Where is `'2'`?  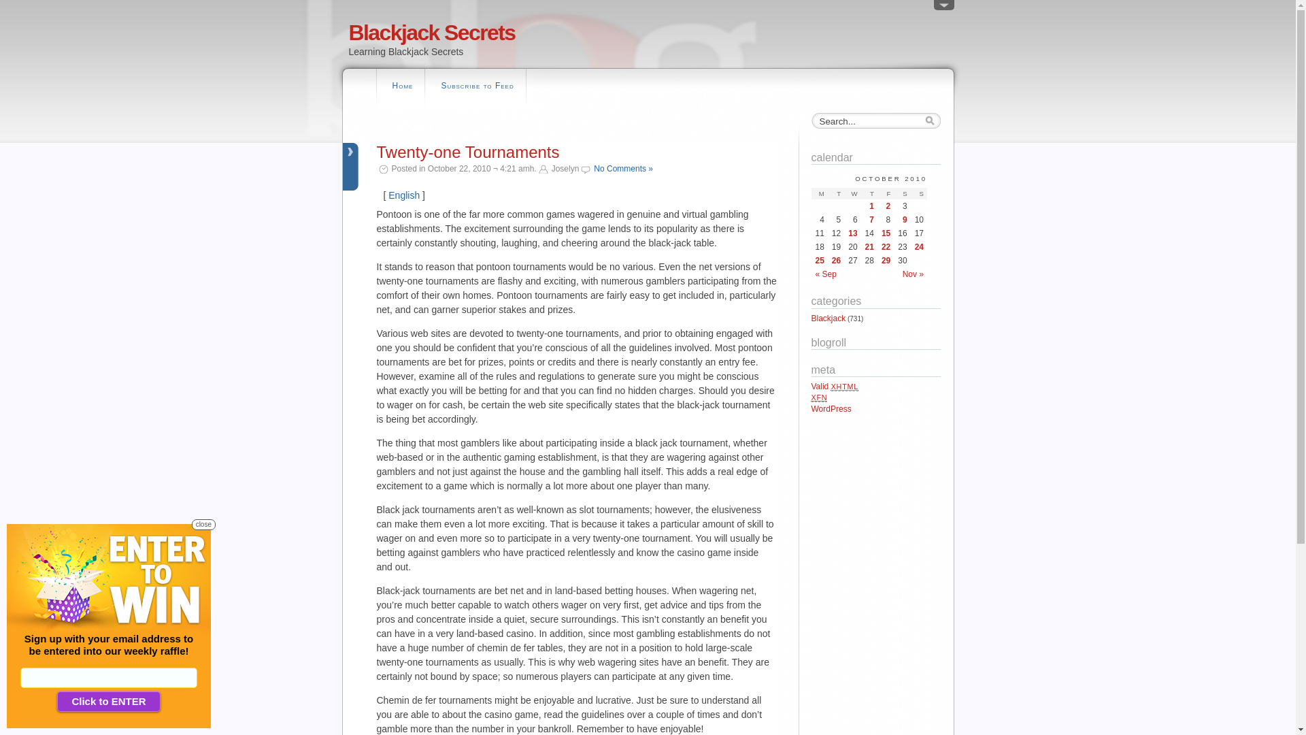 '2' is located at coordinates (886, 206).